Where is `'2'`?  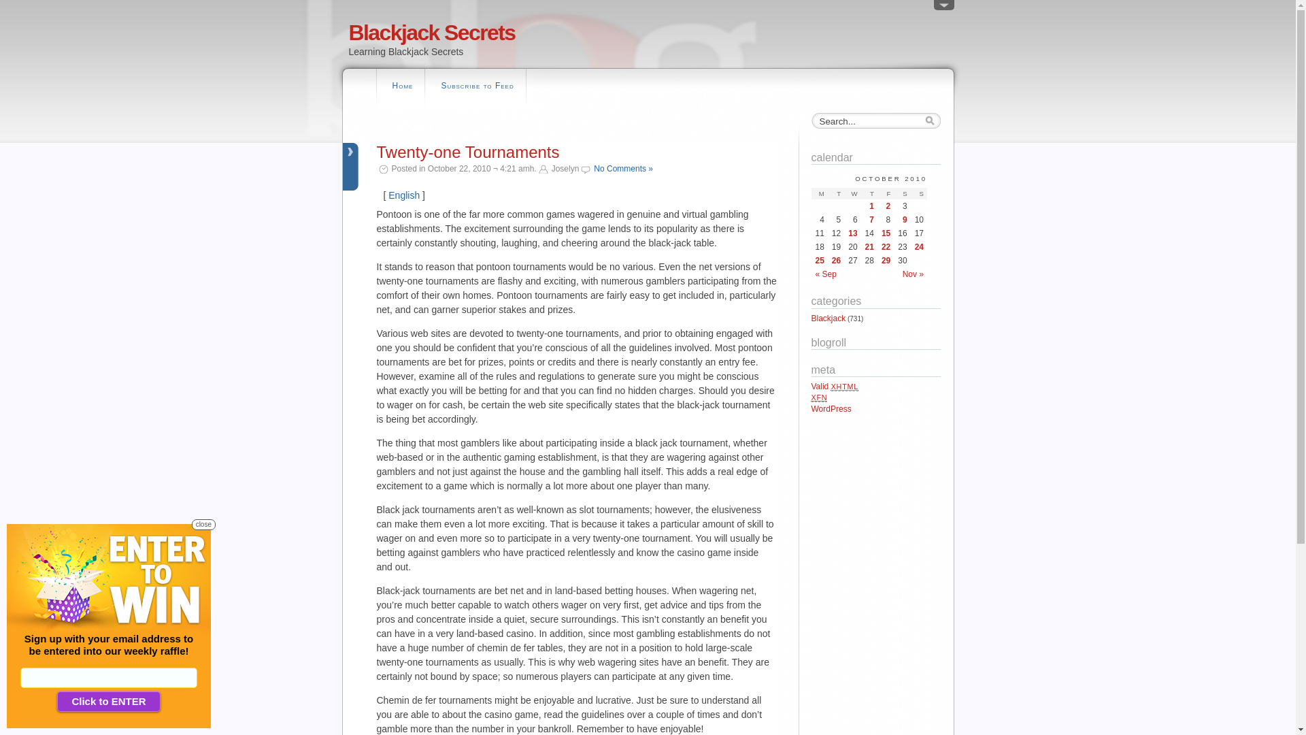 '2' is located at coordinates (886, 206).